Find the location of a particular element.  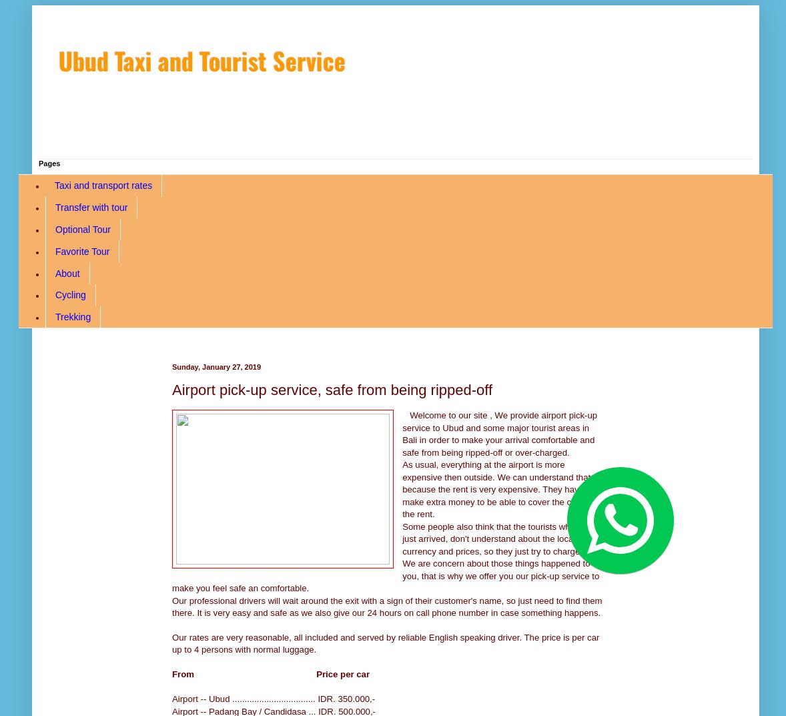

'Reliable transport solution' is located at coordinates (57, 126).